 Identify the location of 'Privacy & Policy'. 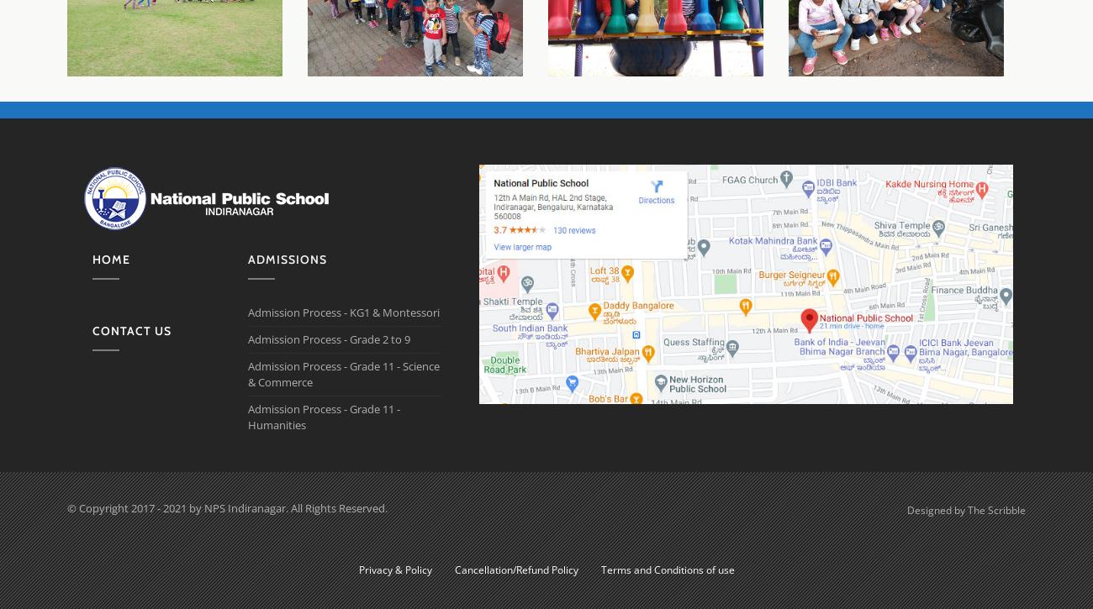
(393, 569).